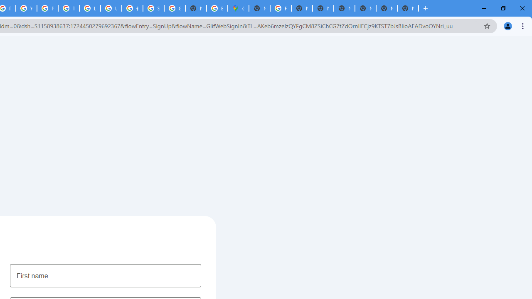 This screenshot has width=532, height=299. Describe the element at coordinates (105, 275) in the screenshot. I see `'First name'` at that location.